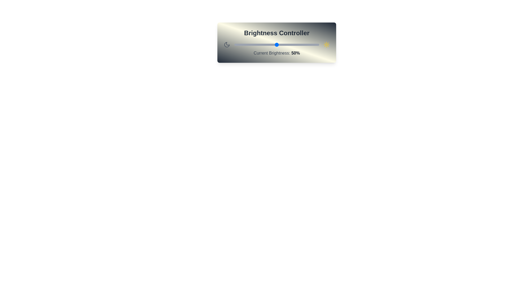  I want to click on the brightness slider to 86%, so click(307, 44).